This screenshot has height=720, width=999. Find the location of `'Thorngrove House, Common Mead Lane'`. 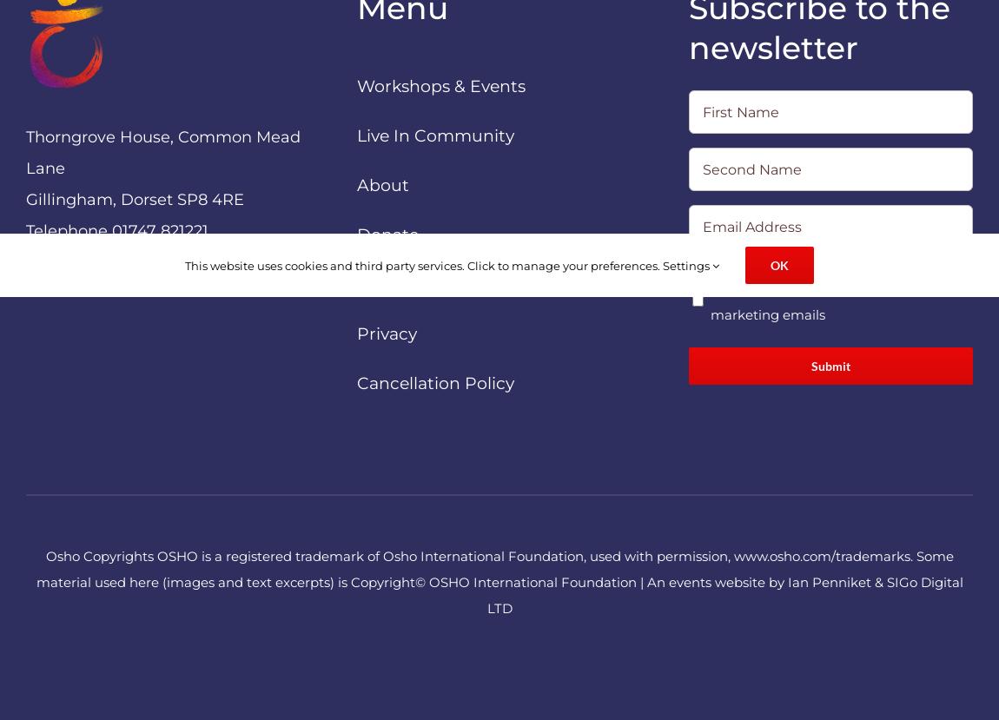

'Thorngrove House, Common Mead Lane' is located at coordinates (161, 152).